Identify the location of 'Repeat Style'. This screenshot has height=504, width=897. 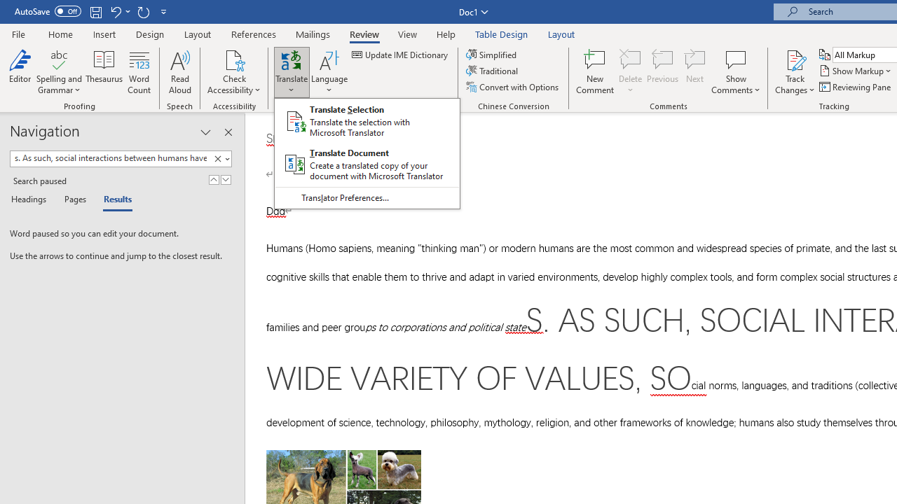
(143, 11).